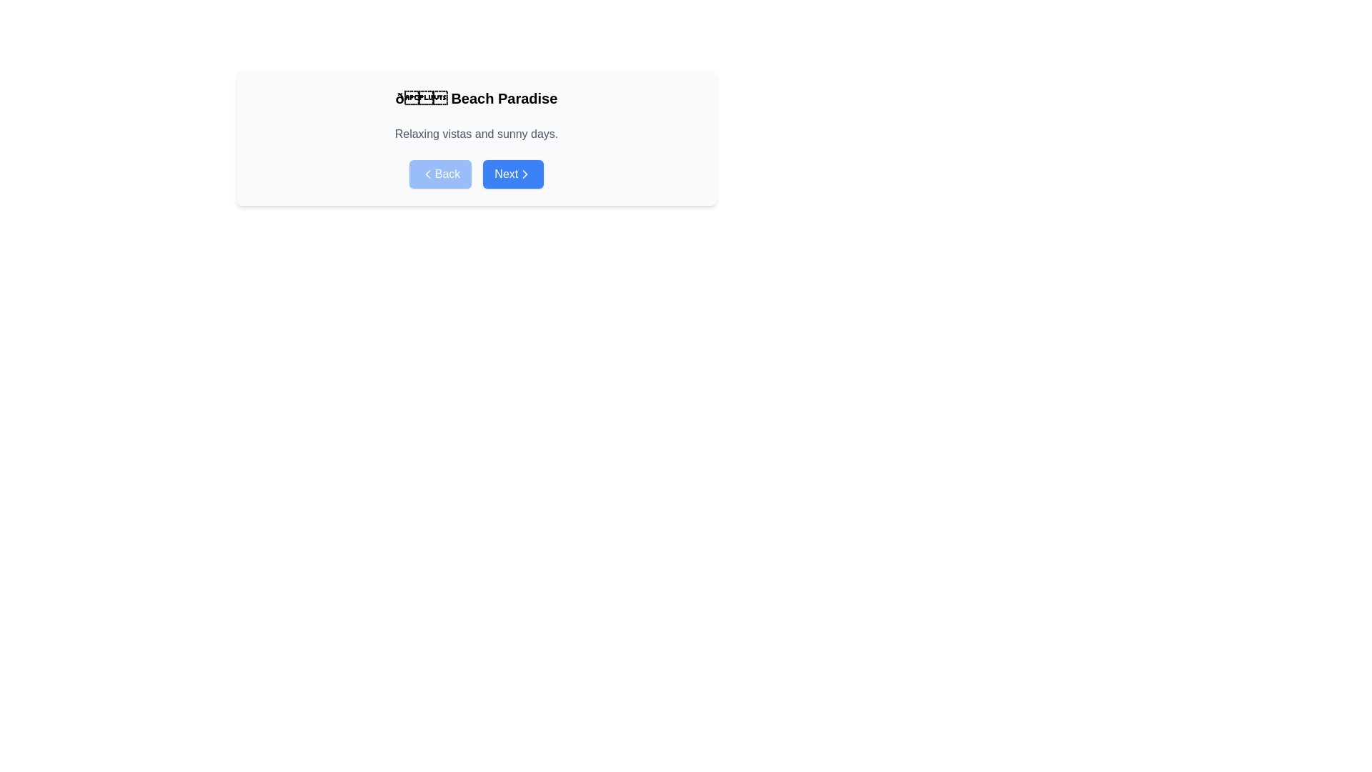  What do you see at coordinates (524, 173) in the screenshot?
I see `the chevron icon located on the blue 'Next' button at the bottom-right corner of the card` at bounding box center [524, 173].